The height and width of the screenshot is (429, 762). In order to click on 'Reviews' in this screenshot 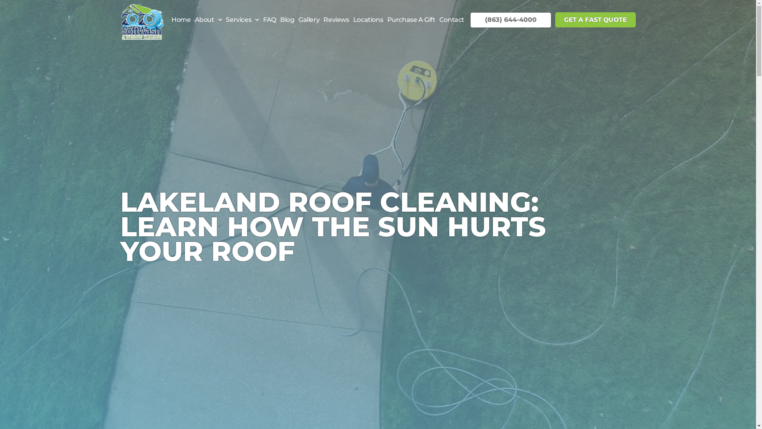, I will do `click(336, 19)`.